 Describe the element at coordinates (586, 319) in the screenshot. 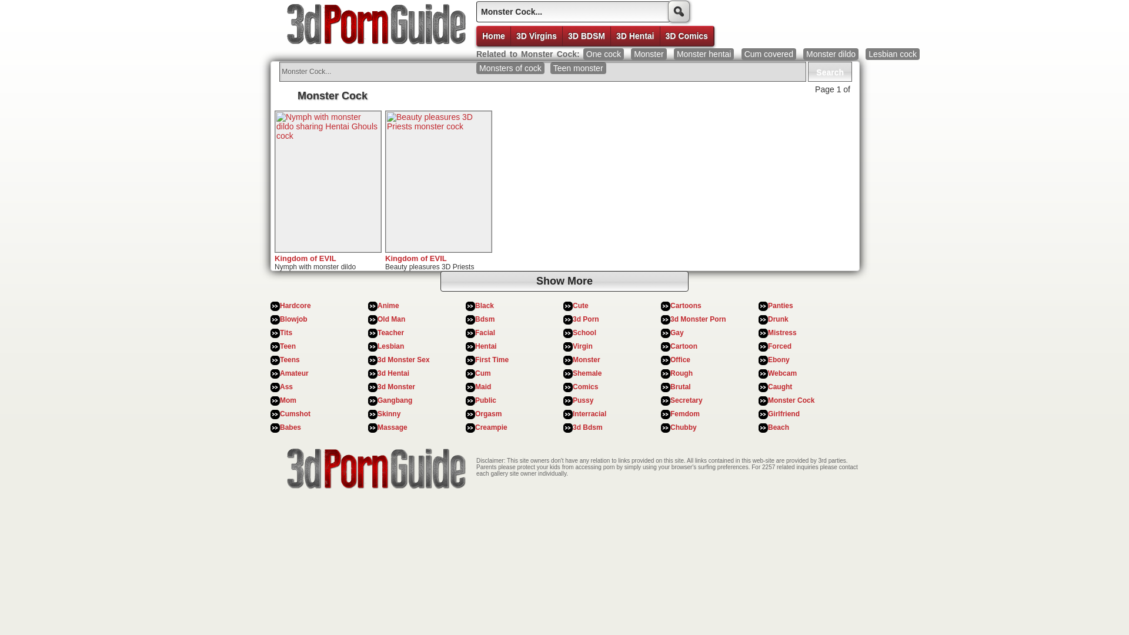

I see `'3d Porn'` at that location.